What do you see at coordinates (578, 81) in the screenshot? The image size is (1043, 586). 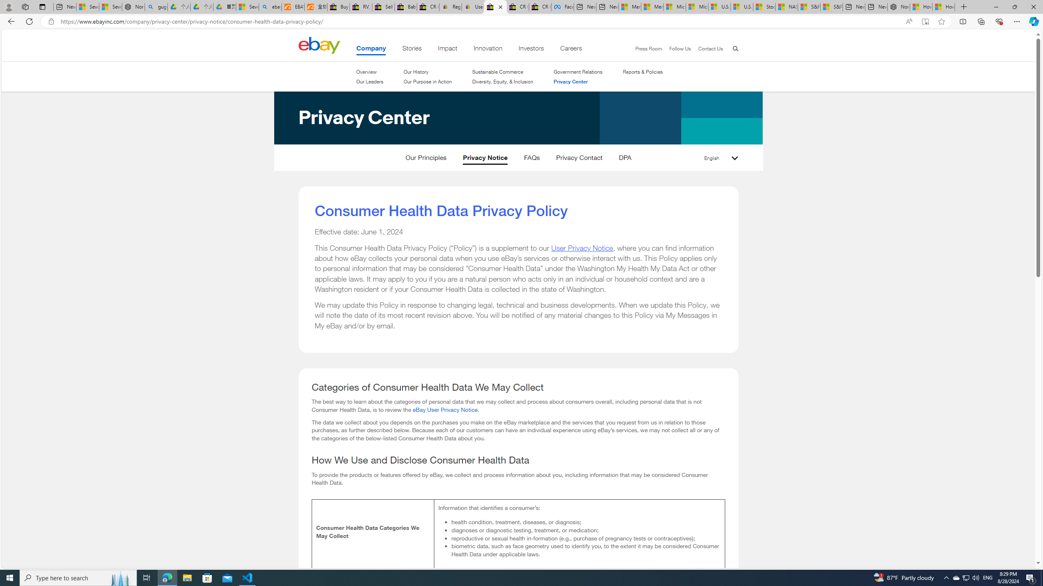 I see `'Privacy Center'` at bounding box center [578, 81].